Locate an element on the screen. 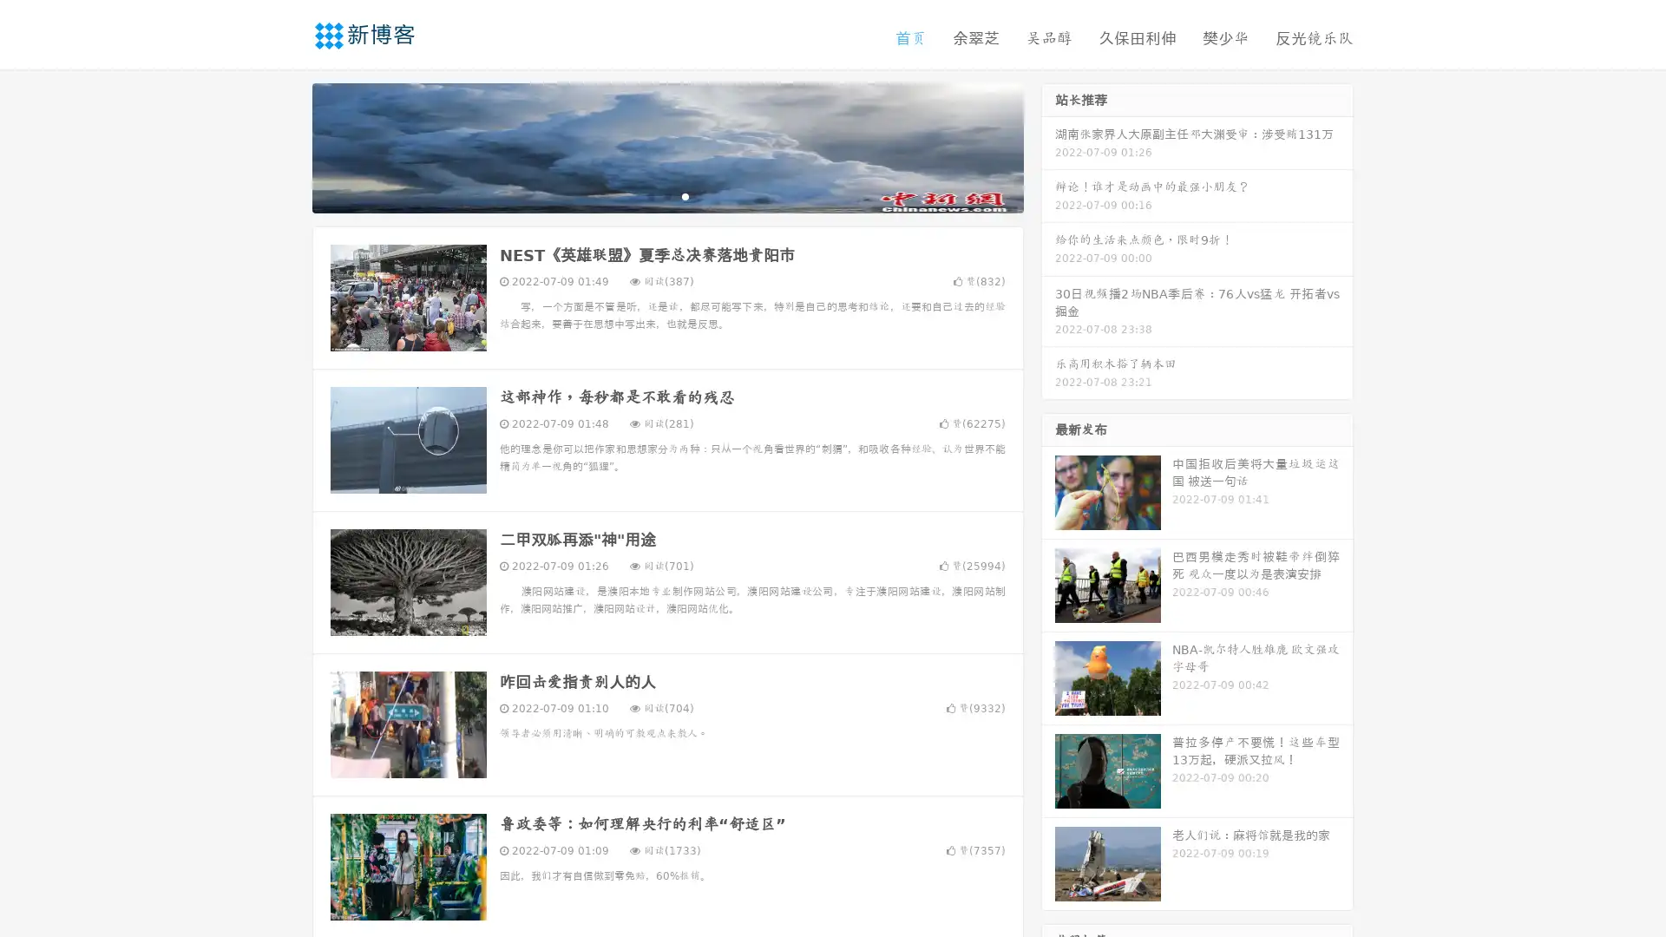 The image size is (1666, 937). Go to slide 3 is located at coordinates (685, 195).